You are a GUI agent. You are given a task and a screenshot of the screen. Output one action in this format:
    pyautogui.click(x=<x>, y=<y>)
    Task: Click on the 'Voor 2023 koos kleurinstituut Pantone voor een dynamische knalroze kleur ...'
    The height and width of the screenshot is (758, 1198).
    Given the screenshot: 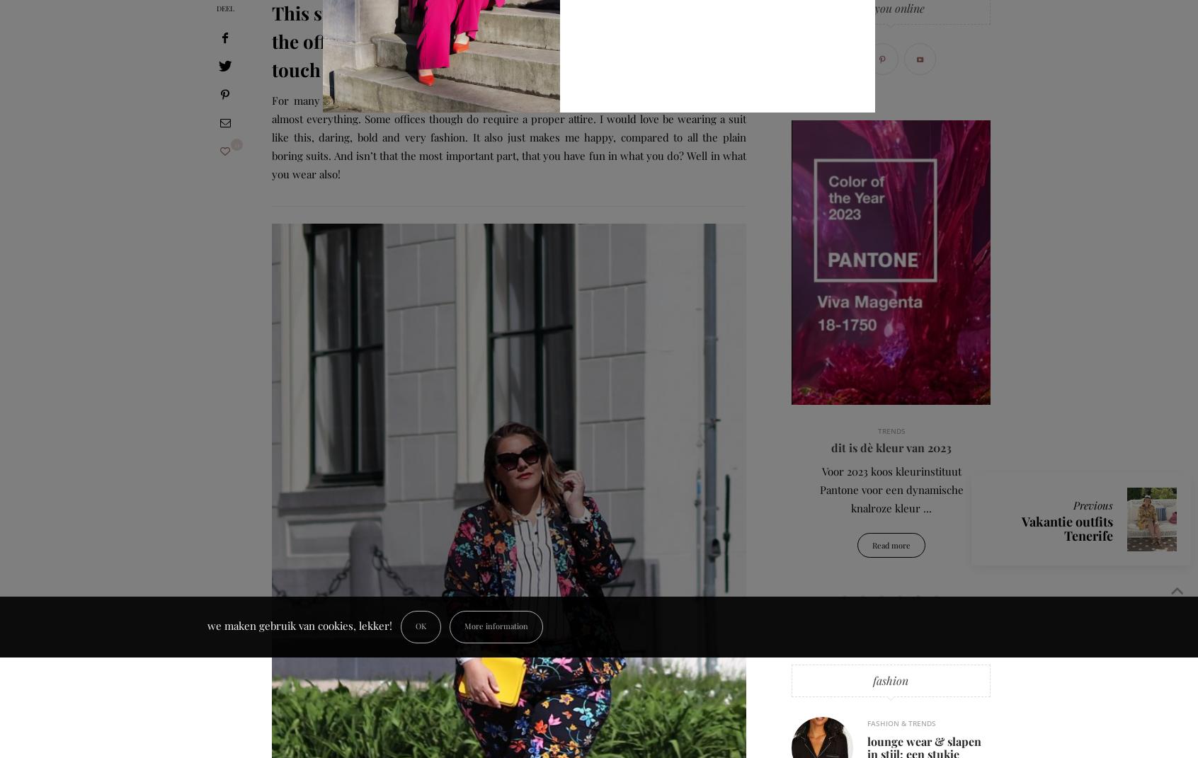 What is the action you would take?
    pyautogui.click(x=691, y=489)
    